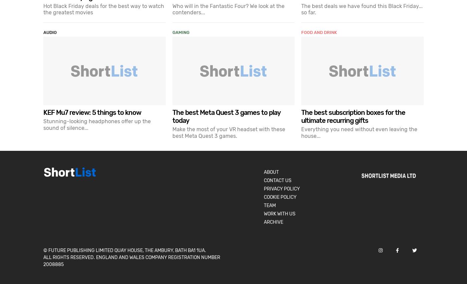 This screenshot has width=467, height=284. Describe the element at coordinates (226, 116) in the screenshot. I see `'The best Meta Quest 3 games to play today'` at that location.